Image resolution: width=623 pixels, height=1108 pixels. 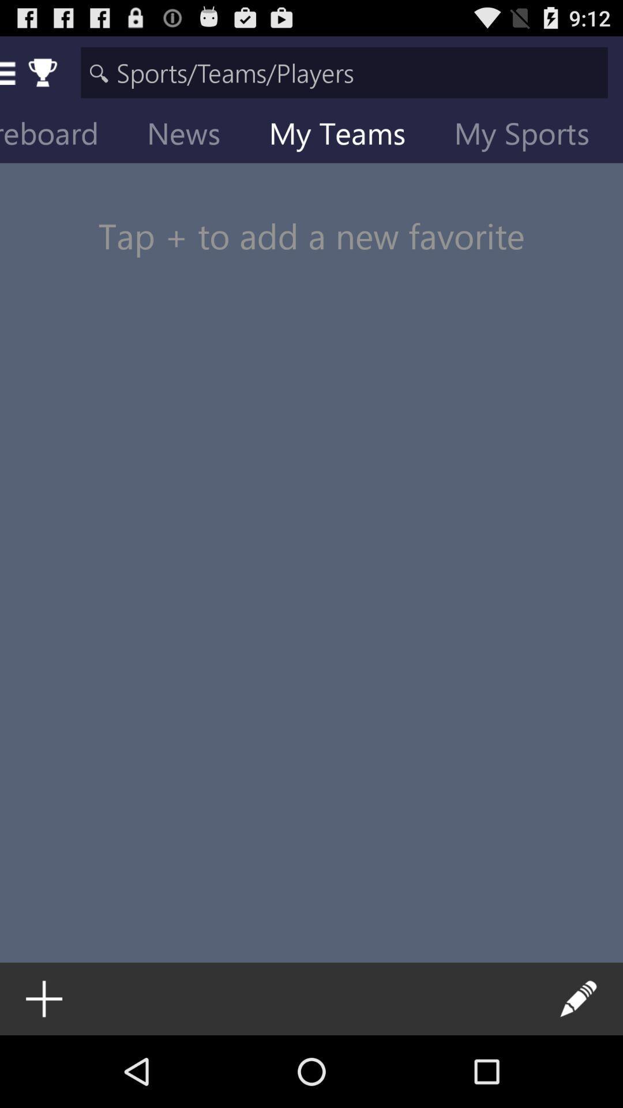 What do you see at coordinates (344, 72) in the screenshot?
I see `area for entered text for a search` at bounding box center [344, 72].